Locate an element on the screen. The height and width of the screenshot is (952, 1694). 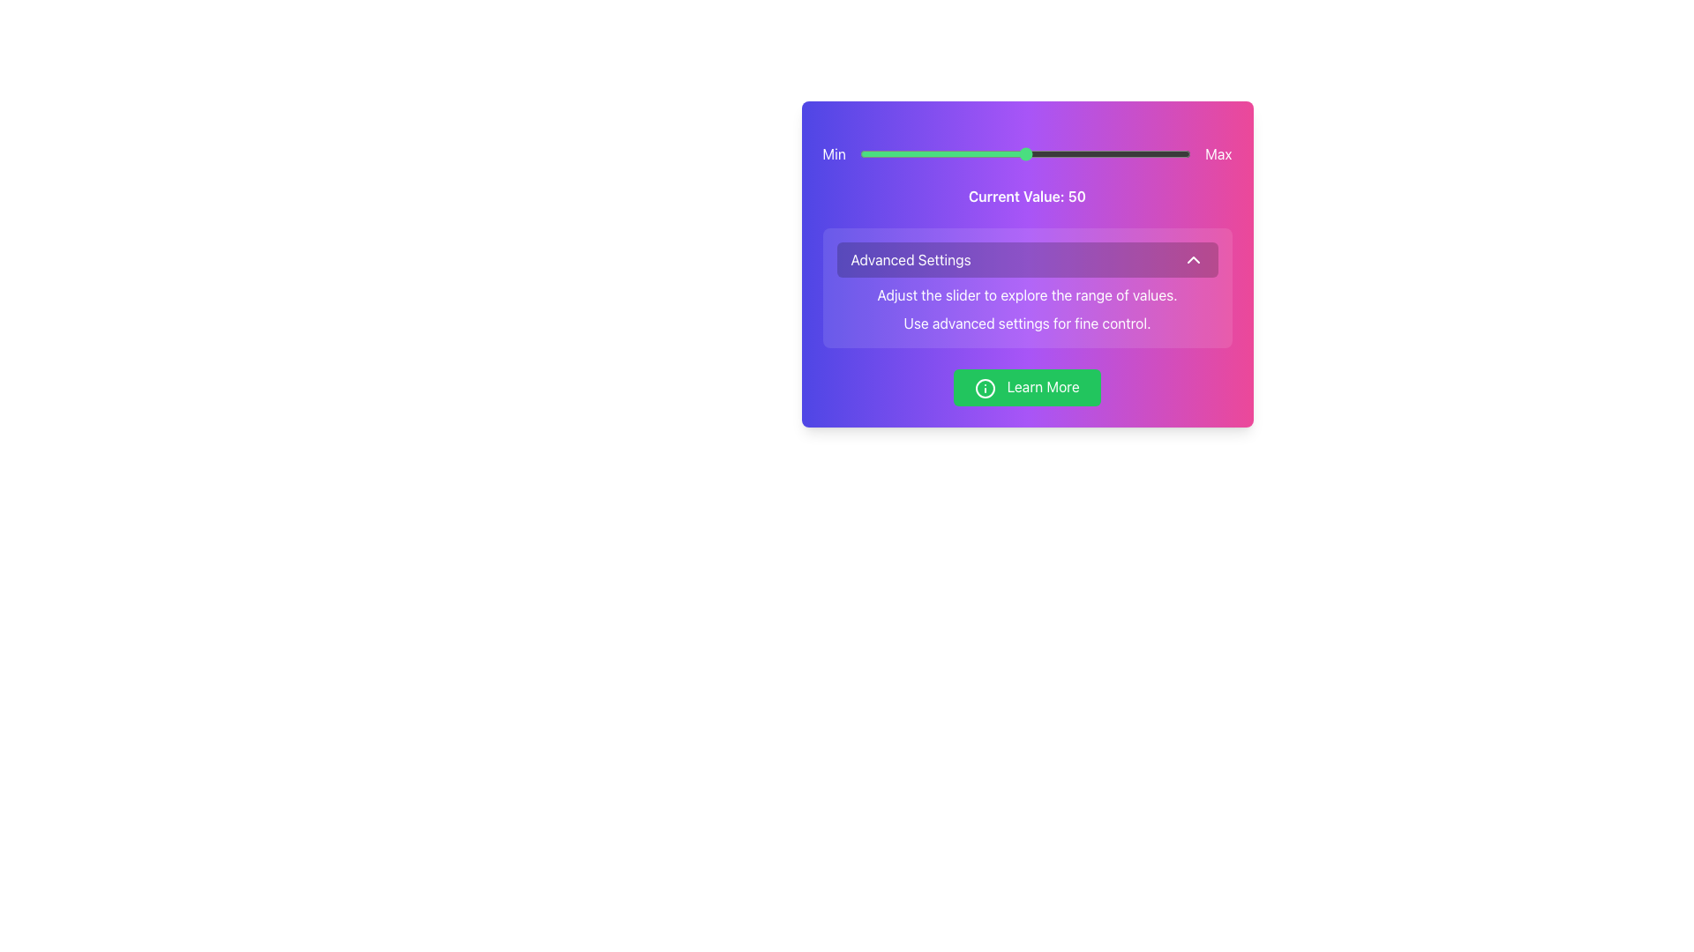
the value of the slider is located at coordinates (1121, 152).